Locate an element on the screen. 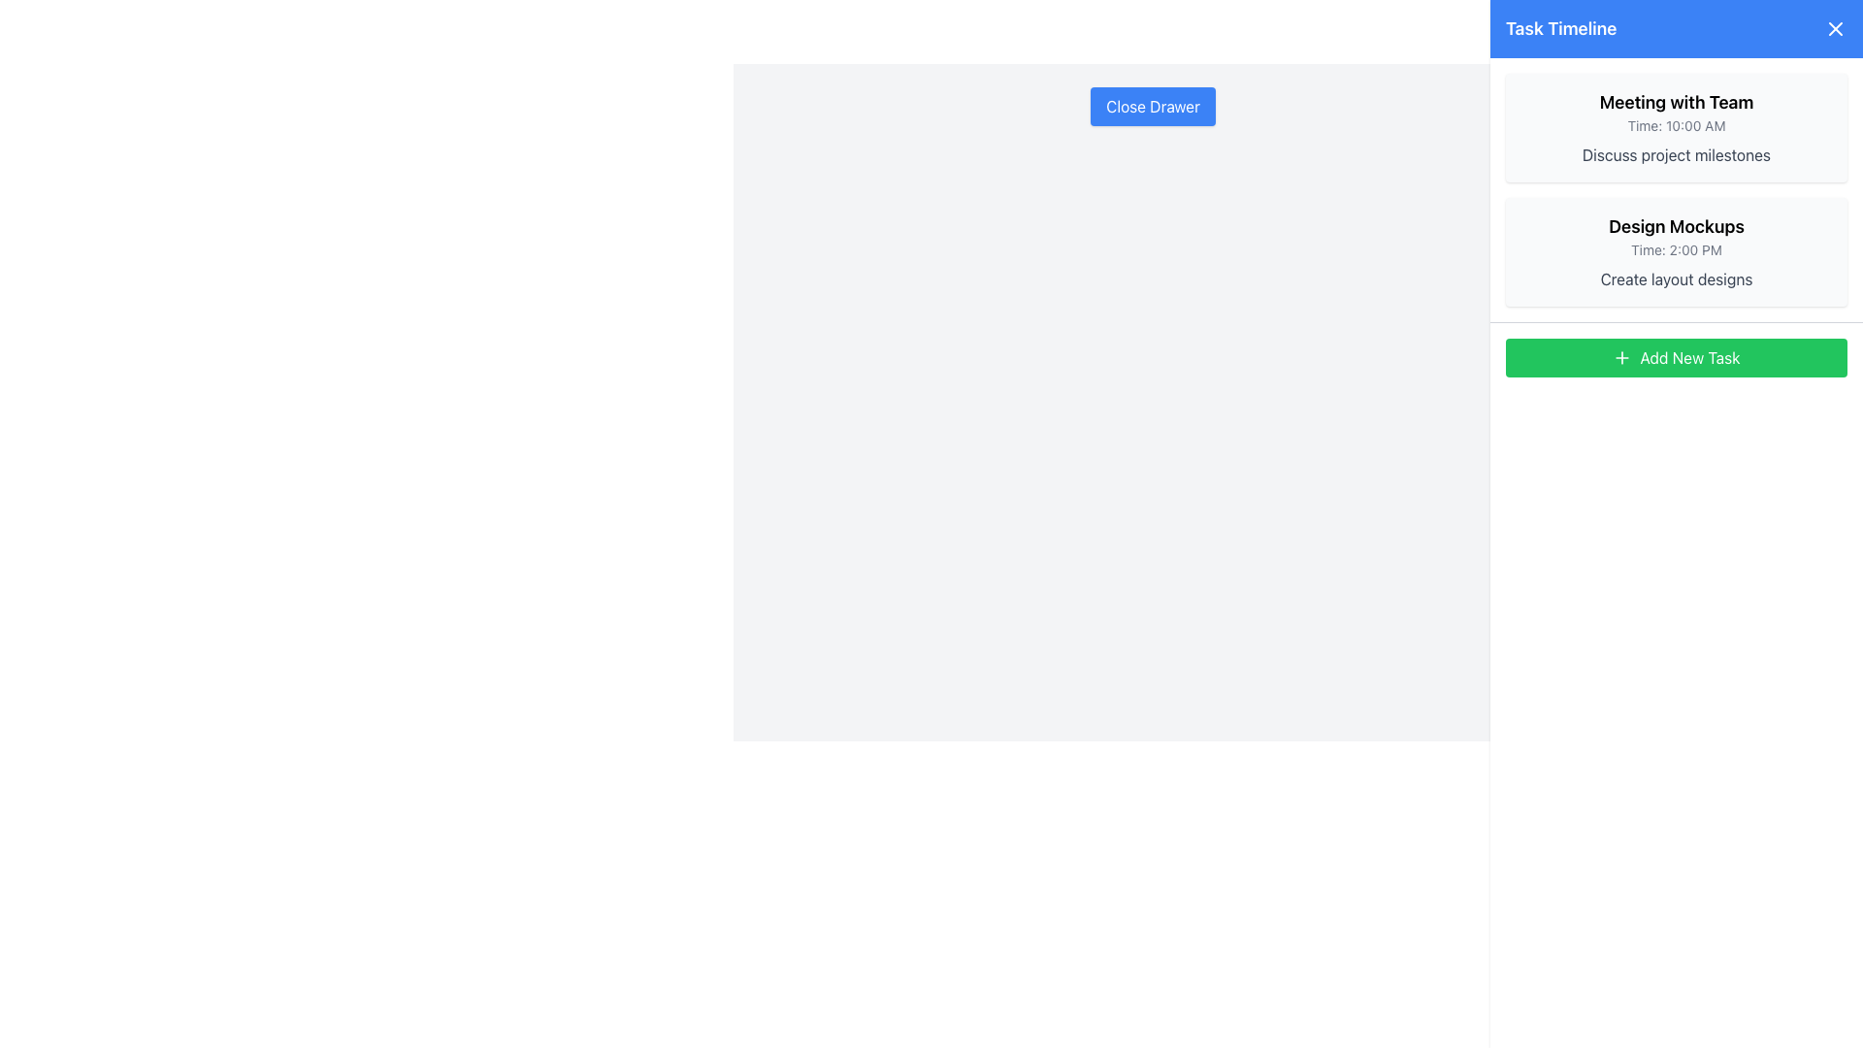 Image resolution: width=1863 pixels, height=1048 pixels. text content serving as the title or header for the task item located in the second task card of the 'Task Timeline' section, positioned above 'Time: 2:00 PM' and 'Create layout designs' is located at coordinates (1676, 226).